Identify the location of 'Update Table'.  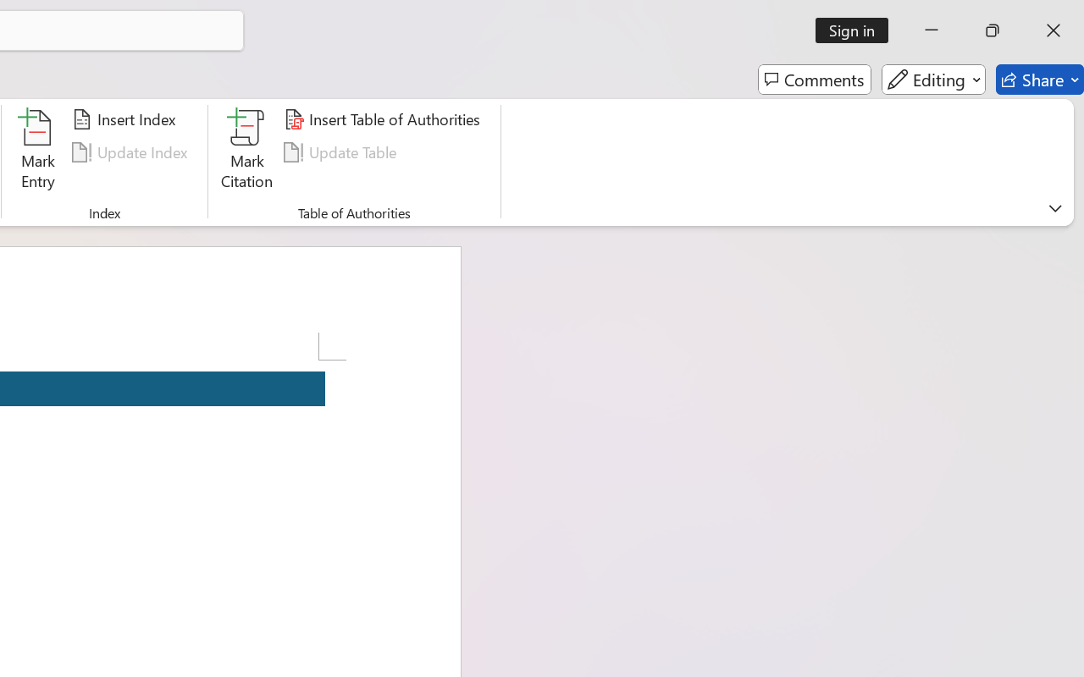
(342, 151).